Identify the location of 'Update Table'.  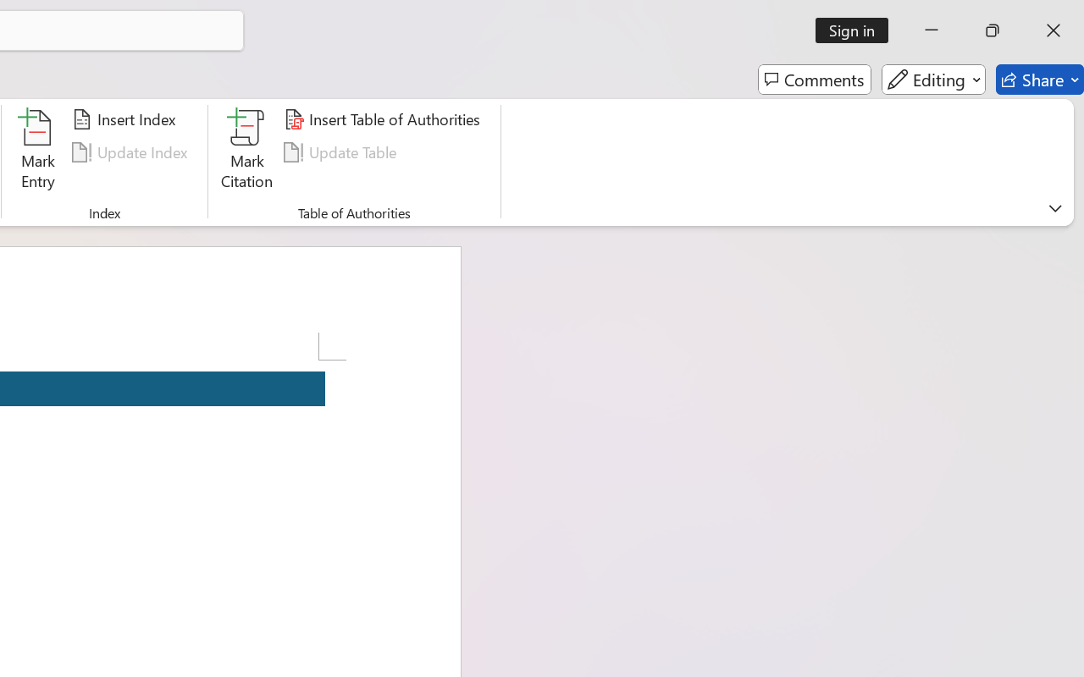
(342, 151).